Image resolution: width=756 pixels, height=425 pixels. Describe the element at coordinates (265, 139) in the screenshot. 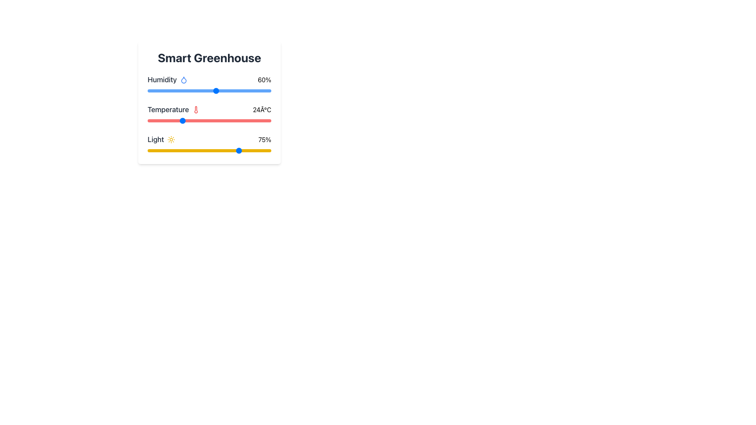

I see `the Label displaying '75%' in black font on a white background, located at the right end of the 'Light' metric's row in the 'Smart Greenhouse' interface` at that location.